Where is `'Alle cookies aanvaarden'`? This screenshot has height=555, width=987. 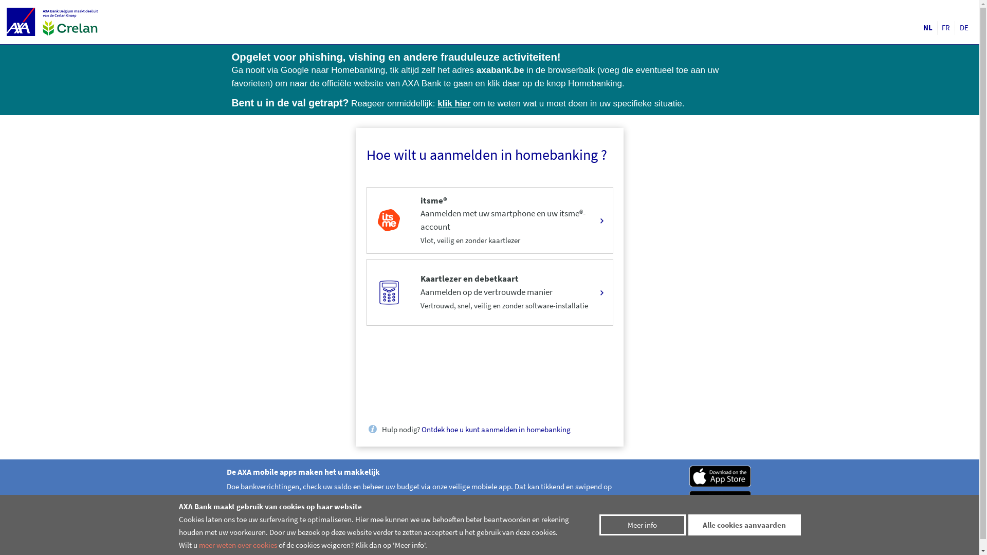 'Alle cookies aanvaarden' is located at coordinates (744, 525).